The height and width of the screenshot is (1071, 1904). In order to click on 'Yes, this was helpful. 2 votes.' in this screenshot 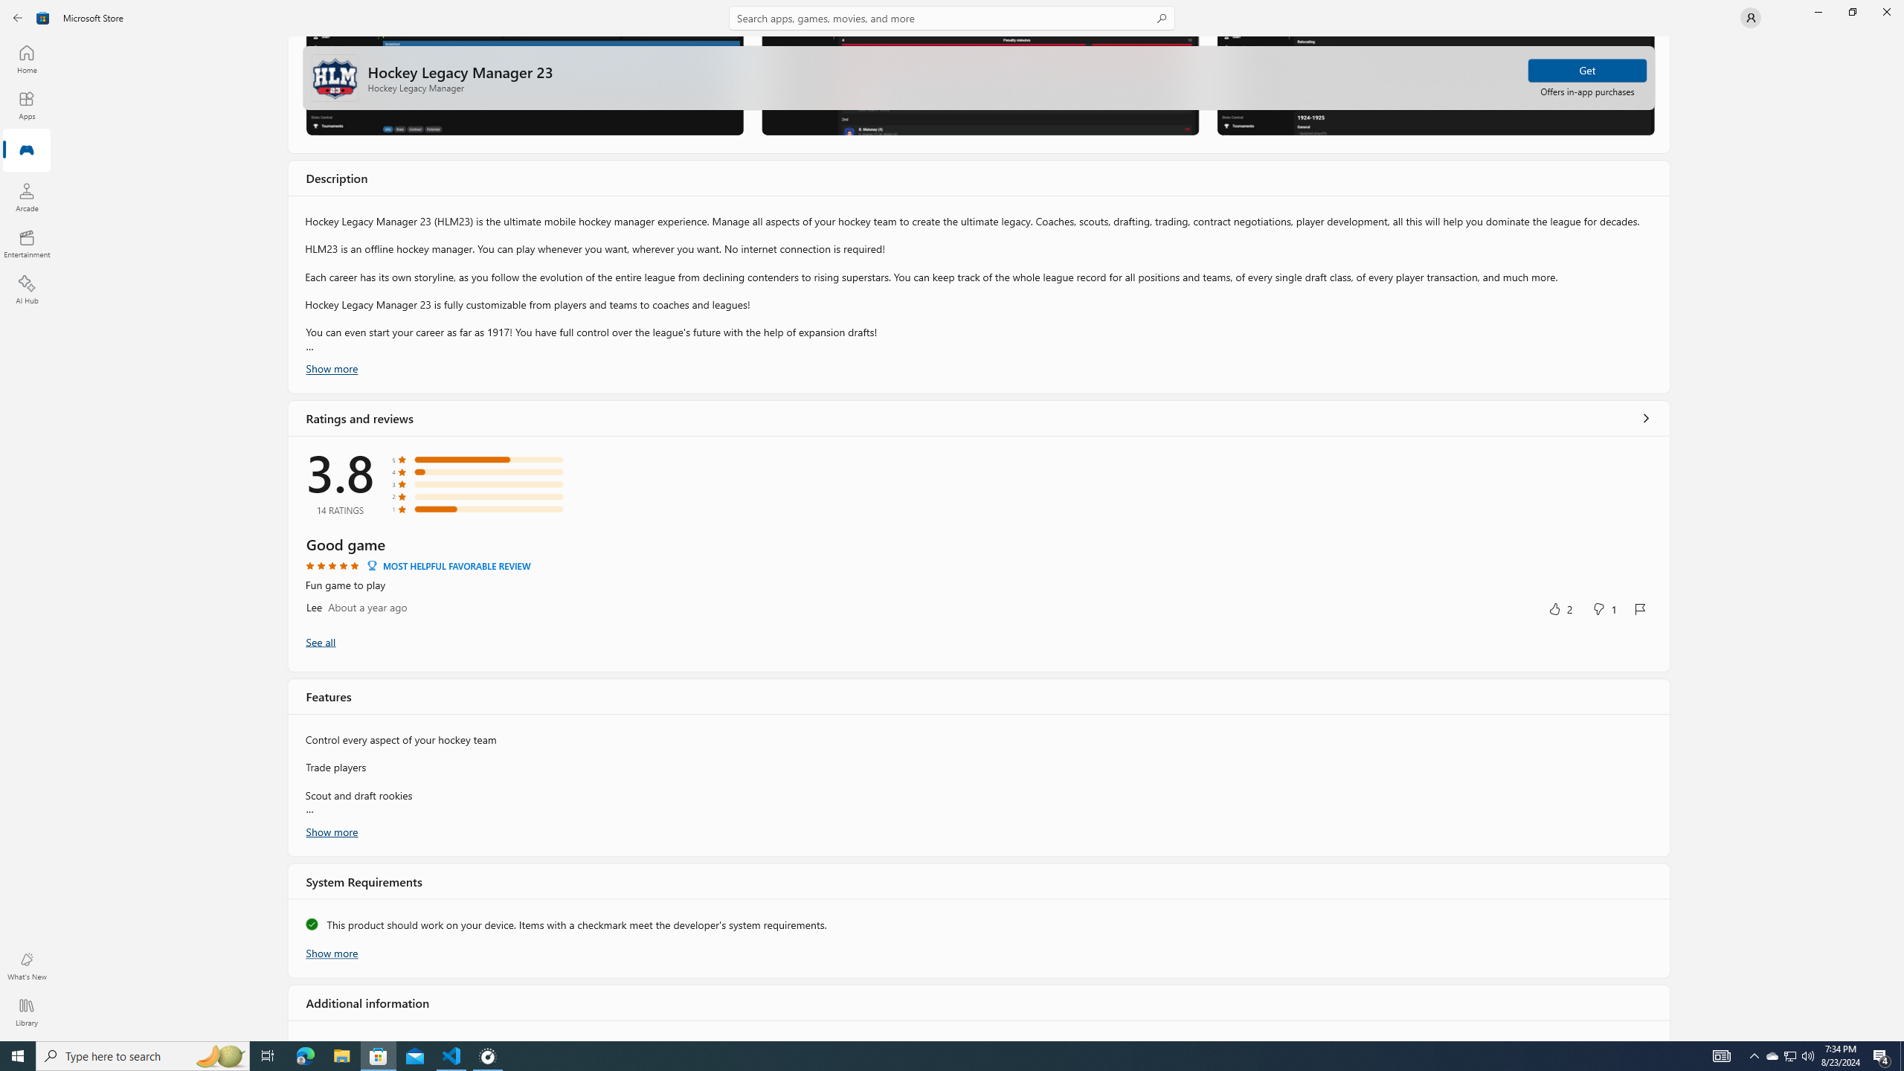, I will do `click(1559, 608)`.